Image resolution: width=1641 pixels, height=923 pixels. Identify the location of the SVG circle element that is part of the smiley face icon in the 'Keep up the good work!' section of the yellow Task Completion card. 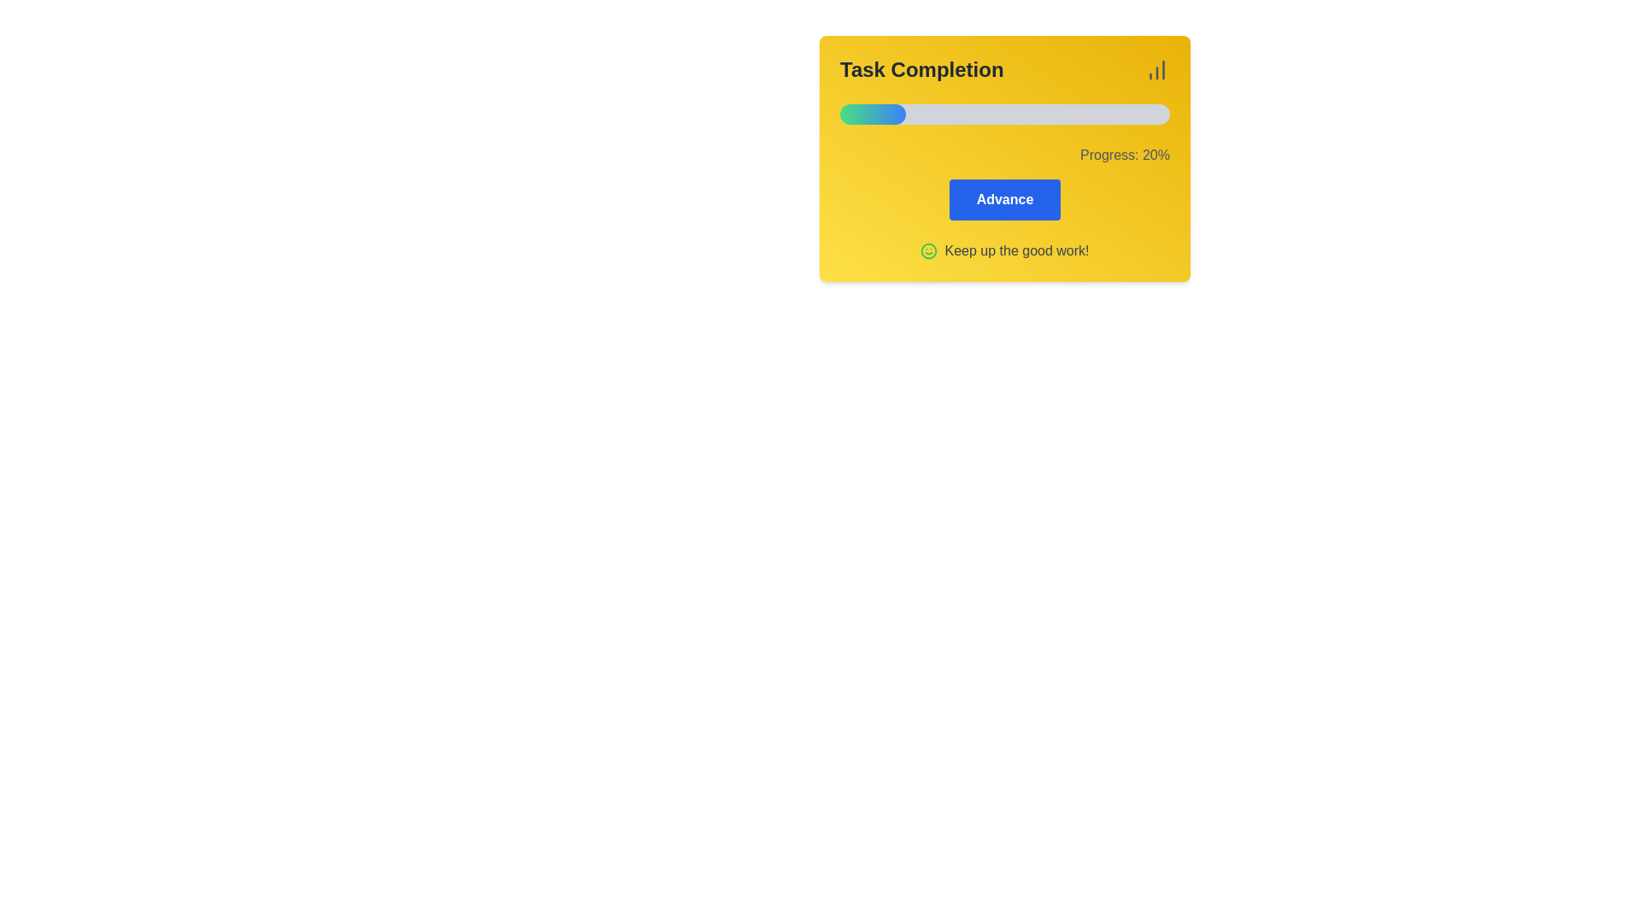
(928, 250).